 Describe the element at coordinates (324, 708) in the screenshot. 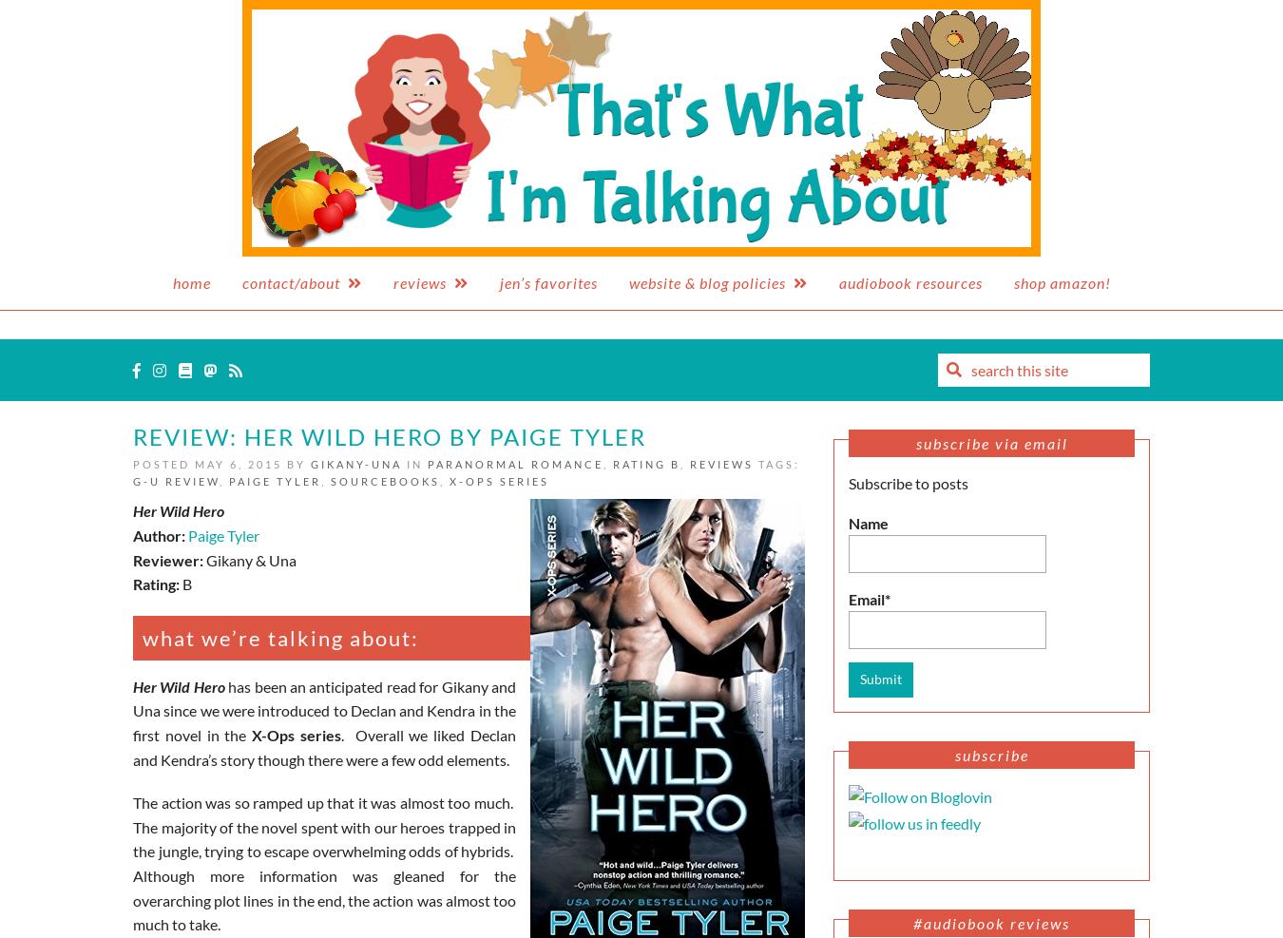

I see `'has been an anticipated read for Gikany and Una since we were introduced to Declan and Kendra in the first novel in the'` at that location.